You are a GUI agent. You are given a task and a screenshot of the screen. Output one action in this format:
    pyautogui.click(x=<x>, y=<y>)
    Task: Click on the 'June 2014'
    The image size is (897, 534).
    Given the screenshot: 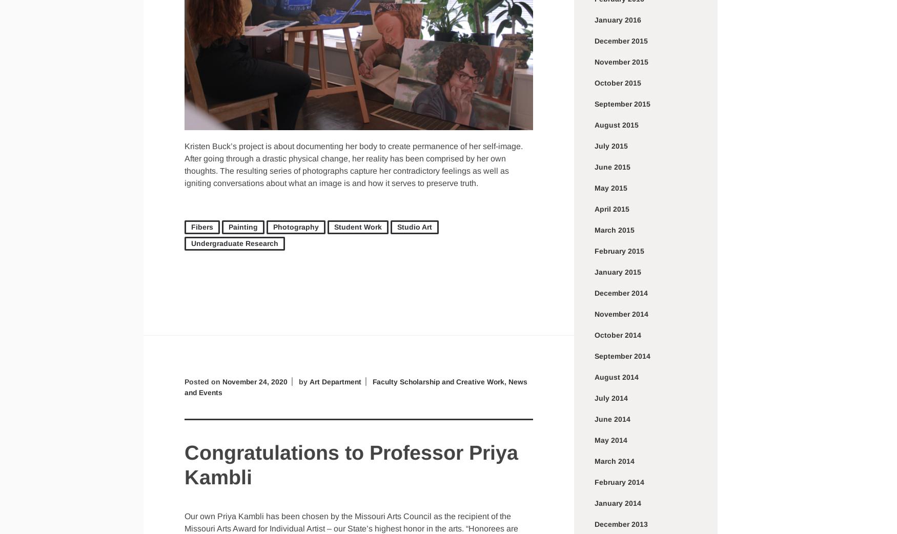 What is the action you would take?
    pyautogui.click(x=613, y=419)
    